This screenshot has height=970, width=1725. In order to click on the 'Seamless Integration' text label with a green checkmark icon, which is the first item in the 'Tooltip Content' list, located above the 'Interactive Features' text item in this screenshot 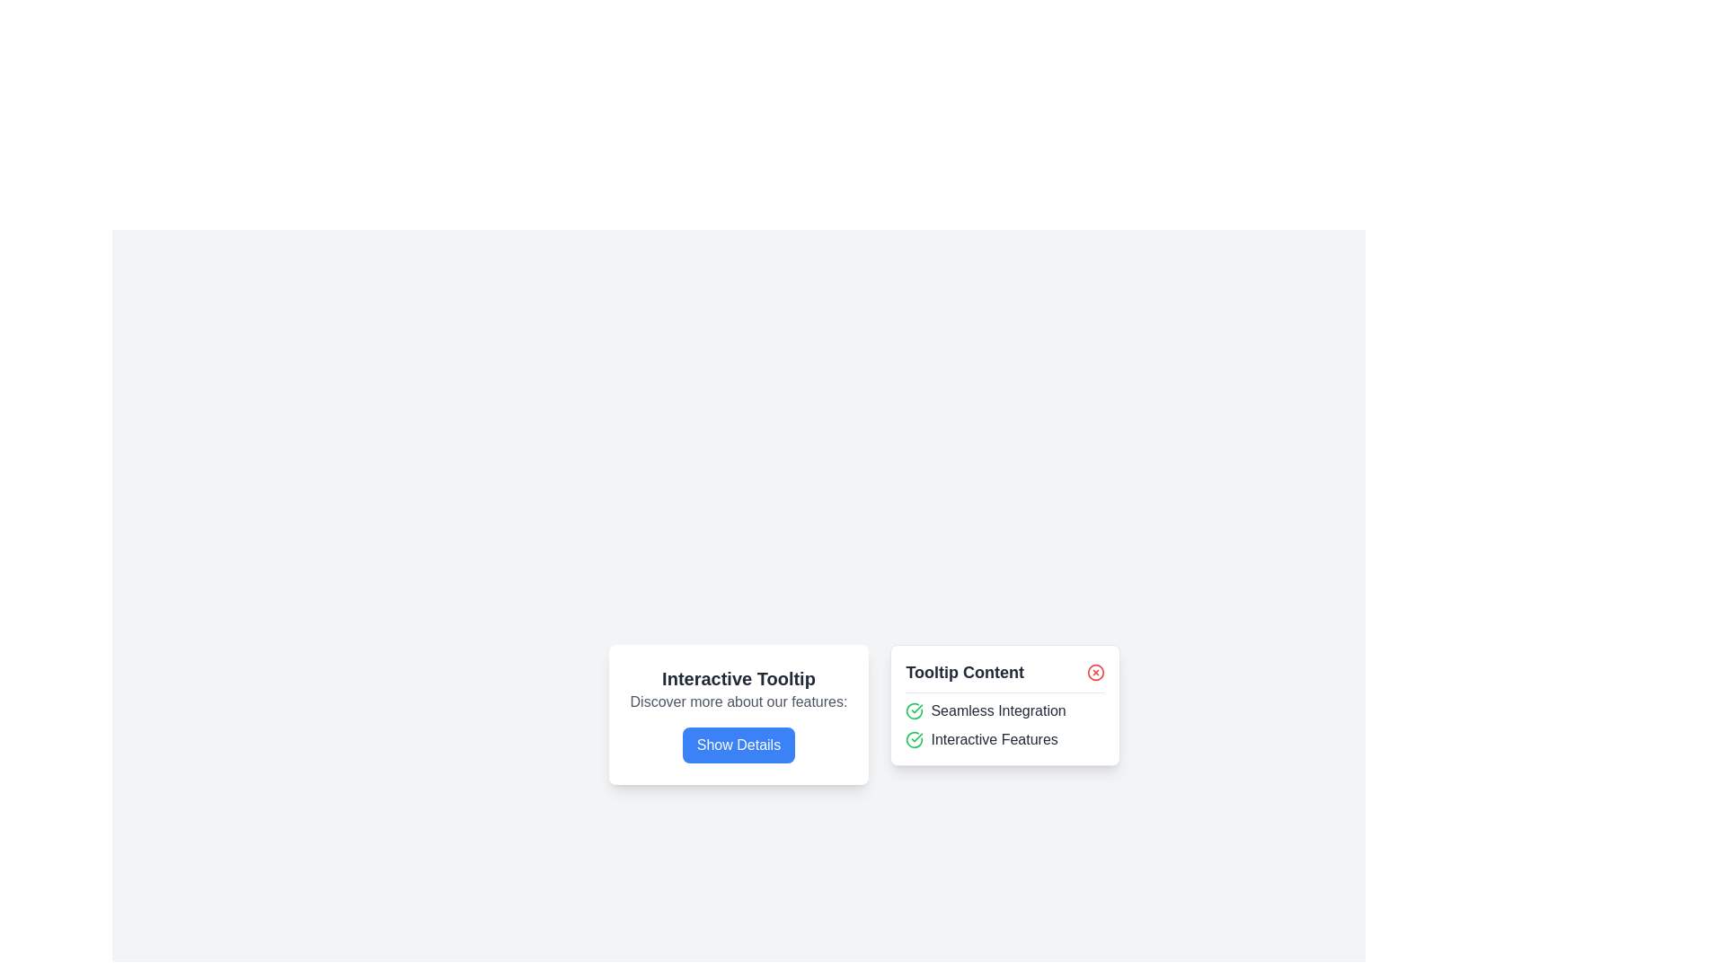, I will do `click(1004, 710)`.